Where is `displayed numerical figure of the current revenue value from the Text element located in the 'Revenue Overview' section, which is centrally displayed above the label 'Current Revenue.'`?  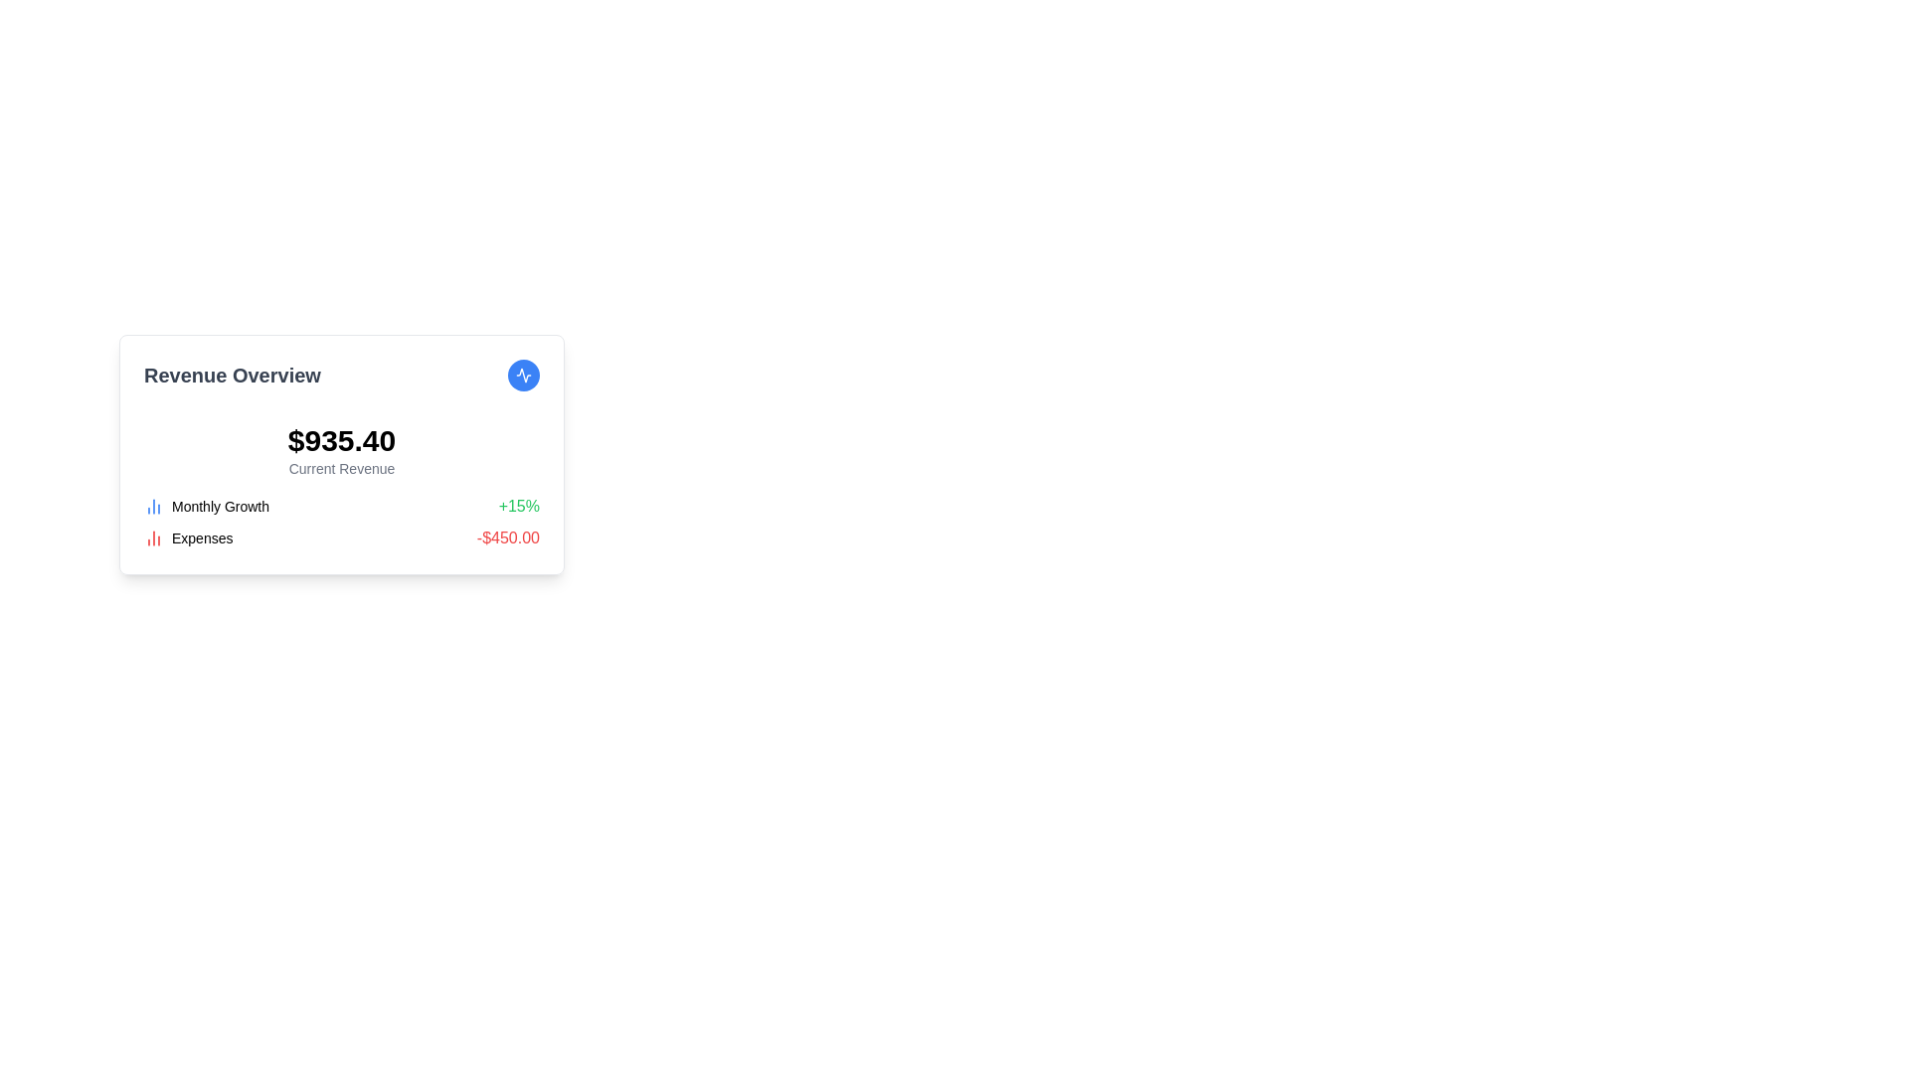 displayed numerical figure of the current revenue value from the Text element located in the 'Revenue Overview' section, which is centrally displayed above the label 'Current Revenue.' is located at coordinates (342, 439).